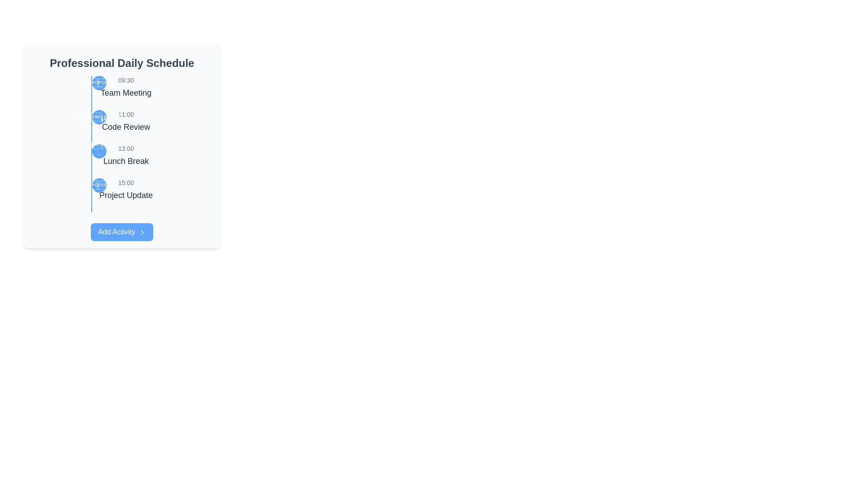 Image resolution: width=863 pixels, height=485 pixels. I want to click on the circular blue icon with white text '📈' located to the left of the '15:00 Project Update' entry in the timeline interface, so click(99, 185).